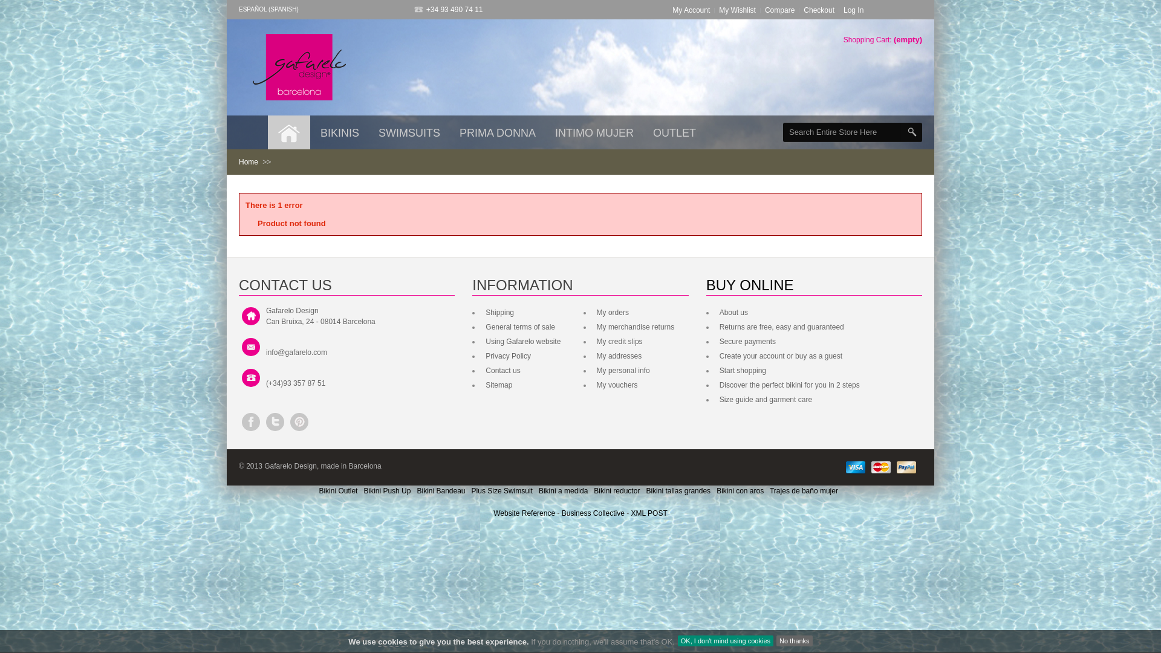  What do you see at coordinates (616, 491) in the screenshot?
I see `'Bikini reductor'` at bounding box center [616, 491].